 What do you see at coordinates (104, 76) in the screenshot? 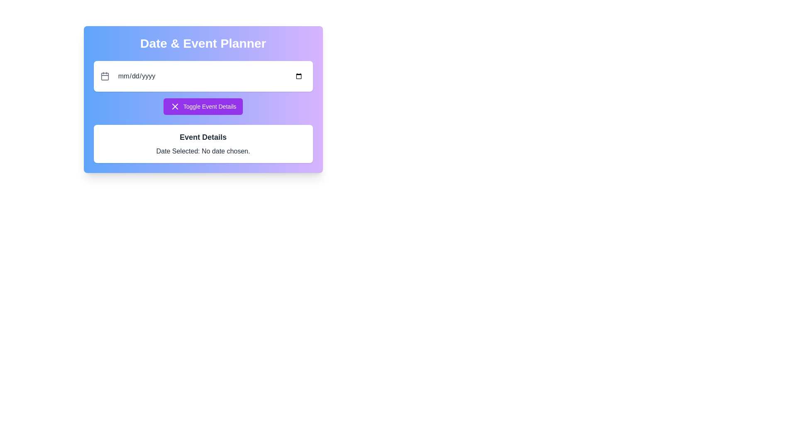
I see `the calendar icon button, which has a rectangular outline with rounded corners and is located to the left of the date input field labeled 'mm/dd/yyyy'` at bounding box center [104, 76].